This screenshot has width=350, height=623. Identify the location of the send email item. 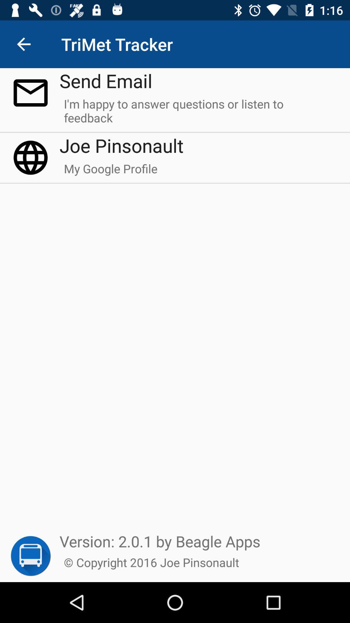
(106, 80).